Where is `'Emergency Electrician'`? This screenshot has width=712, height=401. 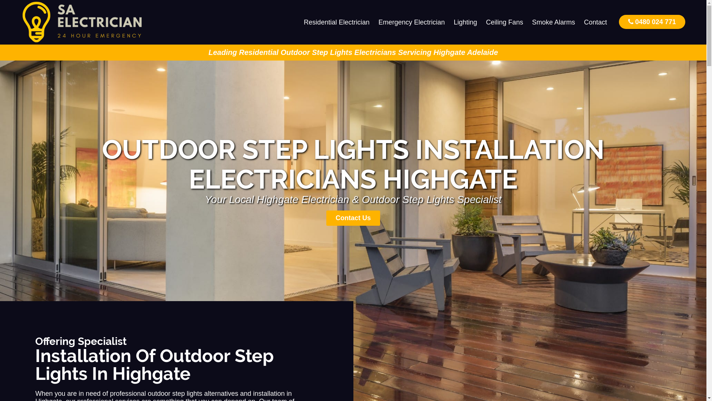 'Emergency Electrician' is located at coordinates (411, 22).